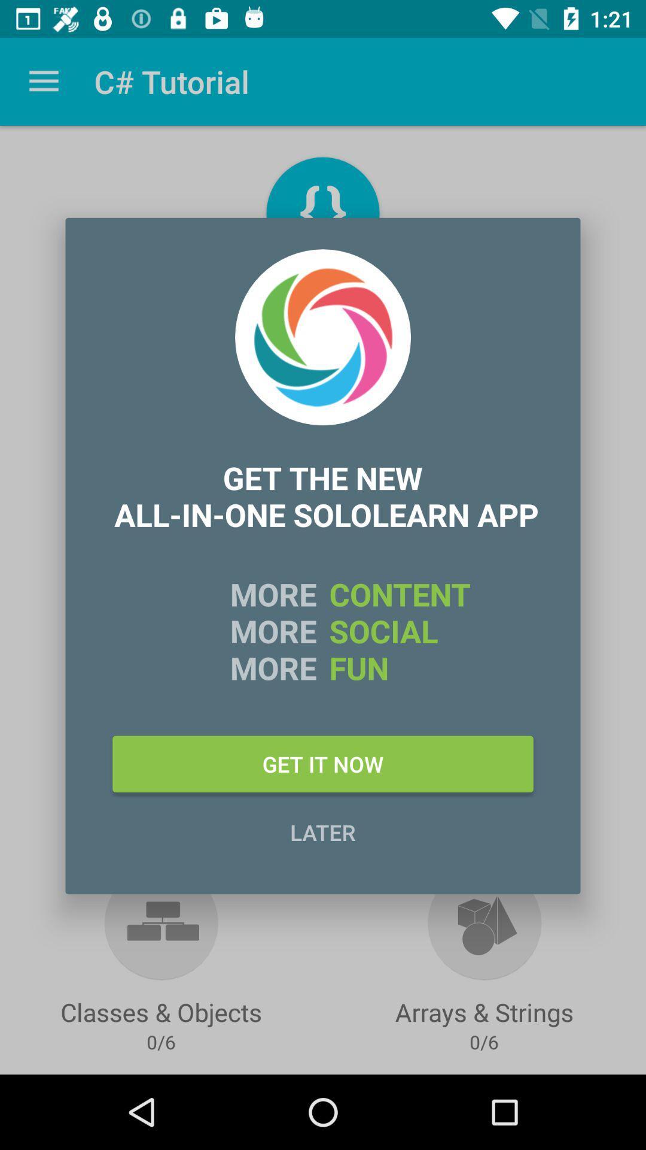  Describe the element at coordinates (323, 831) in the screenshot. I see `later at the bottom` at that location.